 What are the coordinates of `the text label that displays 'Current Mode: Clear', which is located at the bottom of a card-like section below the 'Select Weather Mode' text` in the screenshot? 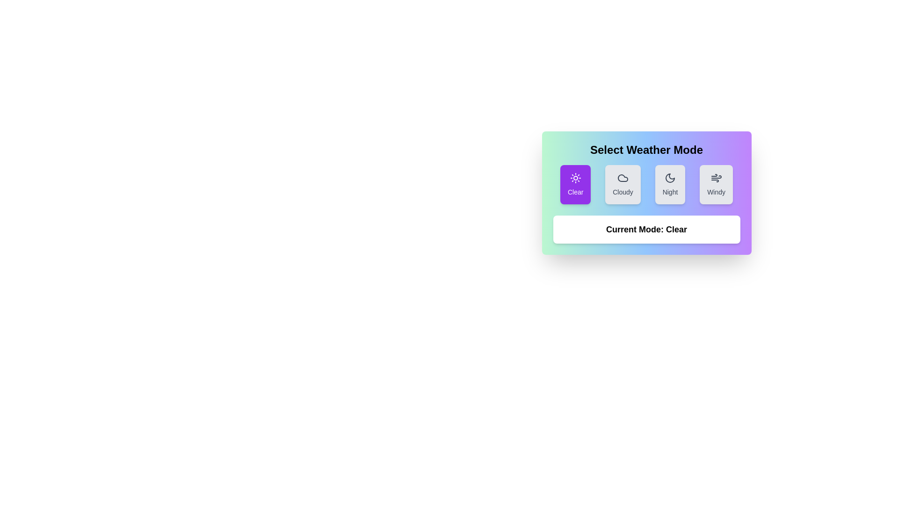 It's located at (646, 229).